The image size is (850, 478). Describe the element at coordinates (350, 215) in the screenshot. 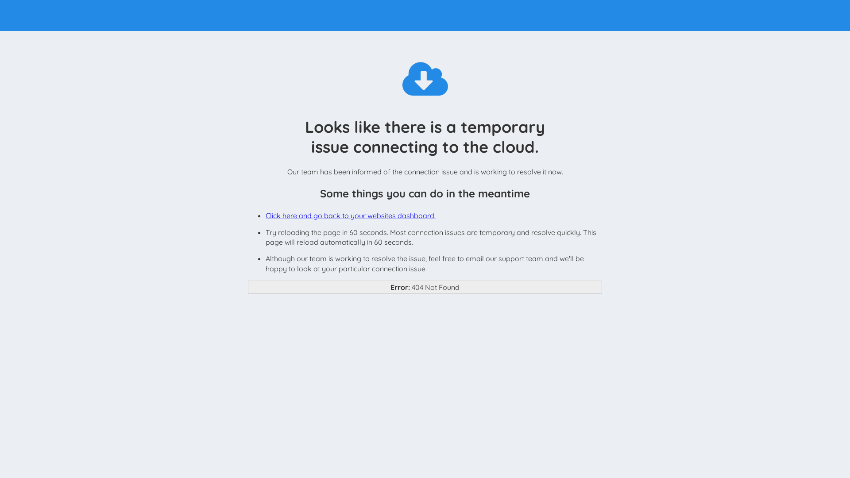

I see `'Click here and go back to your websites dashboard.'` at that location.